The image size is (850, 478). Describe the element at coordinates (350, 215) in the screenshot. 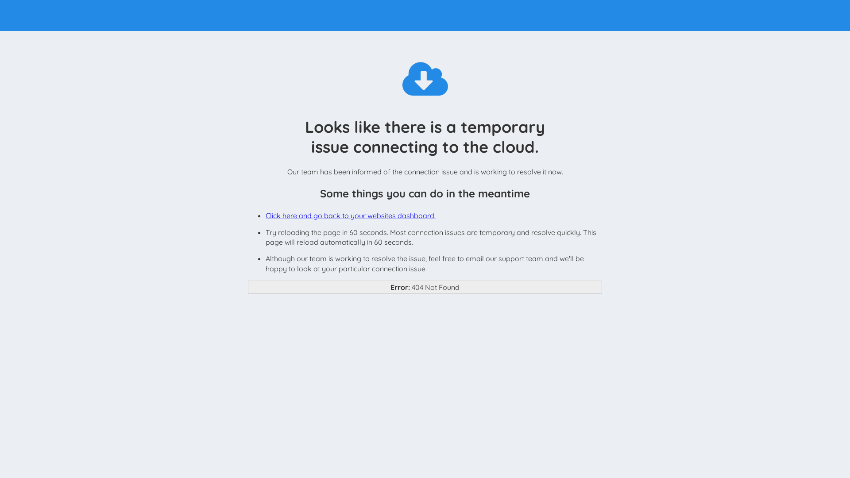

I see `'Click here and go back to your websites dashboard.'` at that location.